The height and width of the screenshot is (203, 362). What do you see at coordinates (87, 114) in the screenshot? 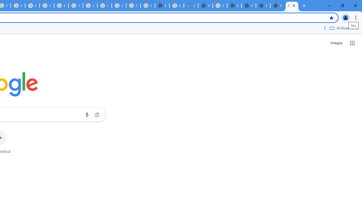
I see `'Search by voice'` at bounding box center [87, 114].